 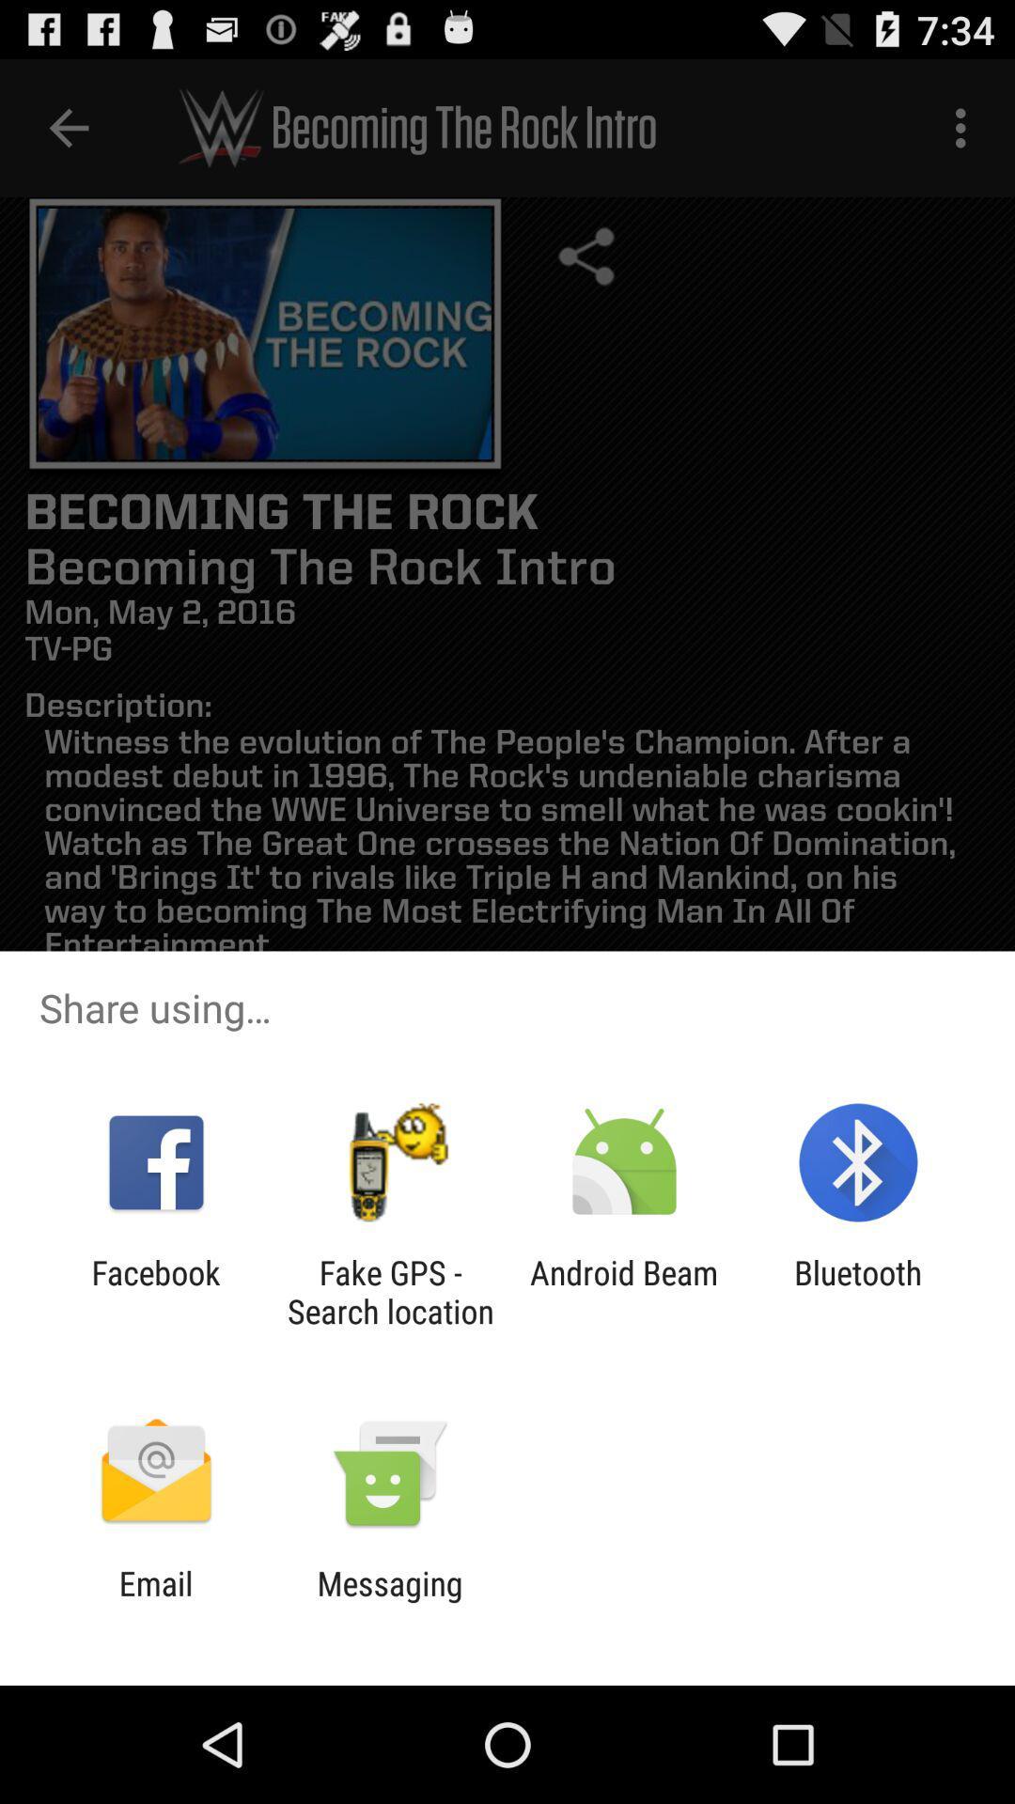 I want to click on the icon next to the fake gps search icon, so click(x=624, y=1291).